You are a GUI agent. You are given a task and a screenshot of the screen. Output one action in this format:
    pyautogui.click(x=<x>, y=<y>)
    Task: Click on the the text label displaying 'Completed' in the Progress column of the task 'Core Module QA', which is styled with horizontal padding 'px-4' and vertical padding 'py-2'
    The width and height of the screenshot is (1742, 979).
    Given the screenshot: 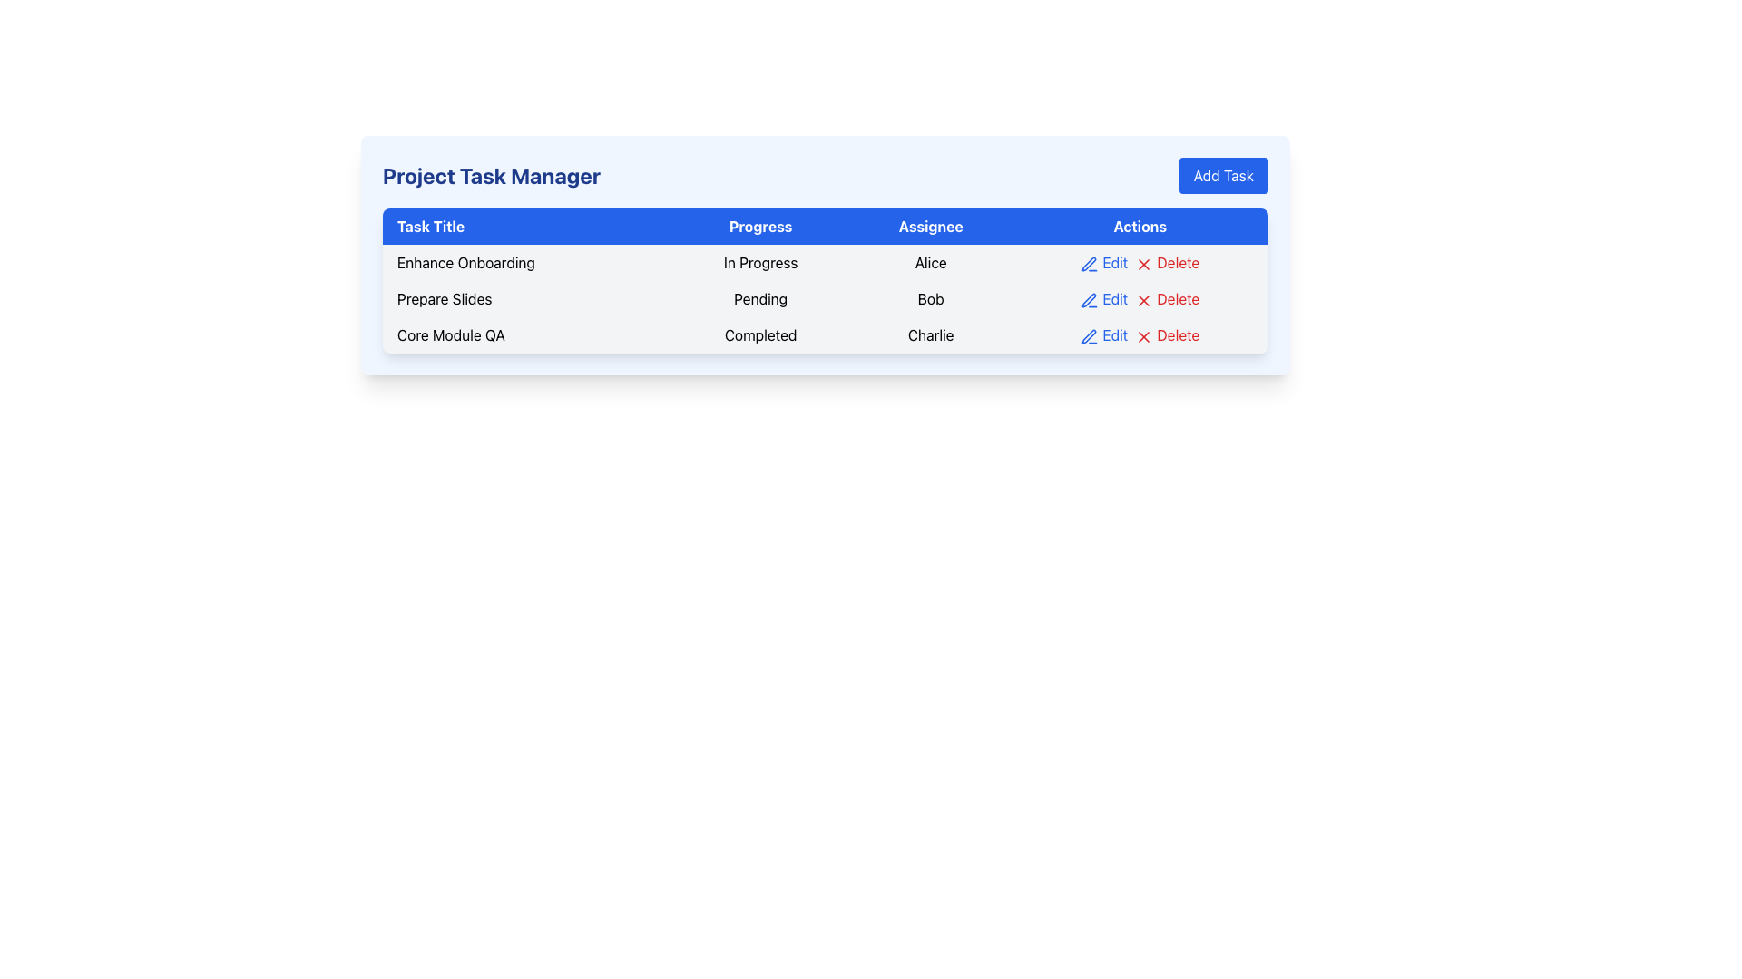 What is the action you would take?
    pyautogui.click(x=760, y=335)
    